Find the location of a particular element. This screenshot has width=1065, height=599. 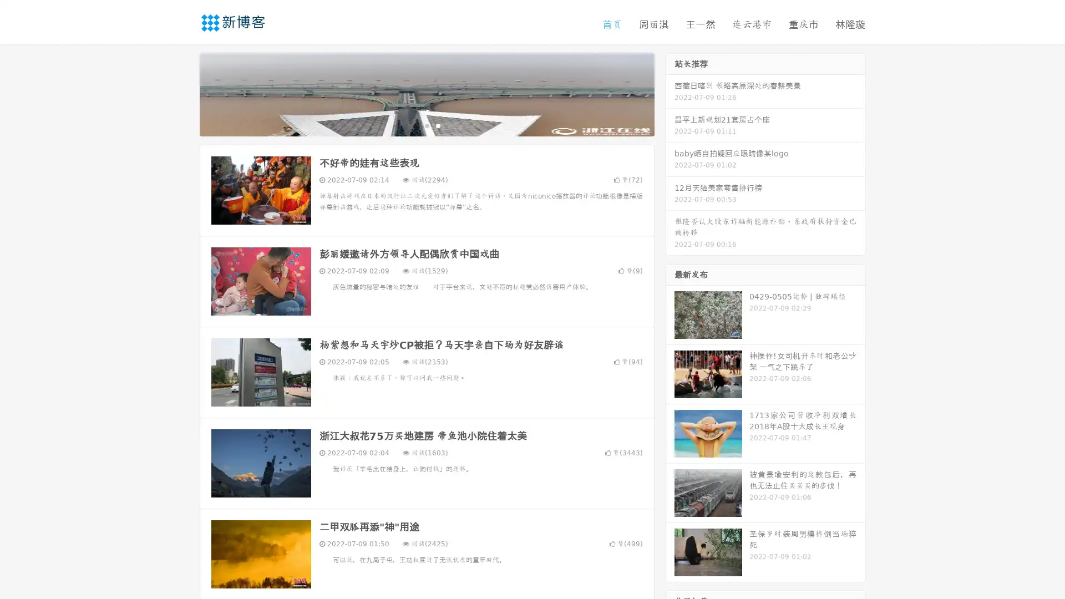

Next slide is located at coordinates (670, 93).